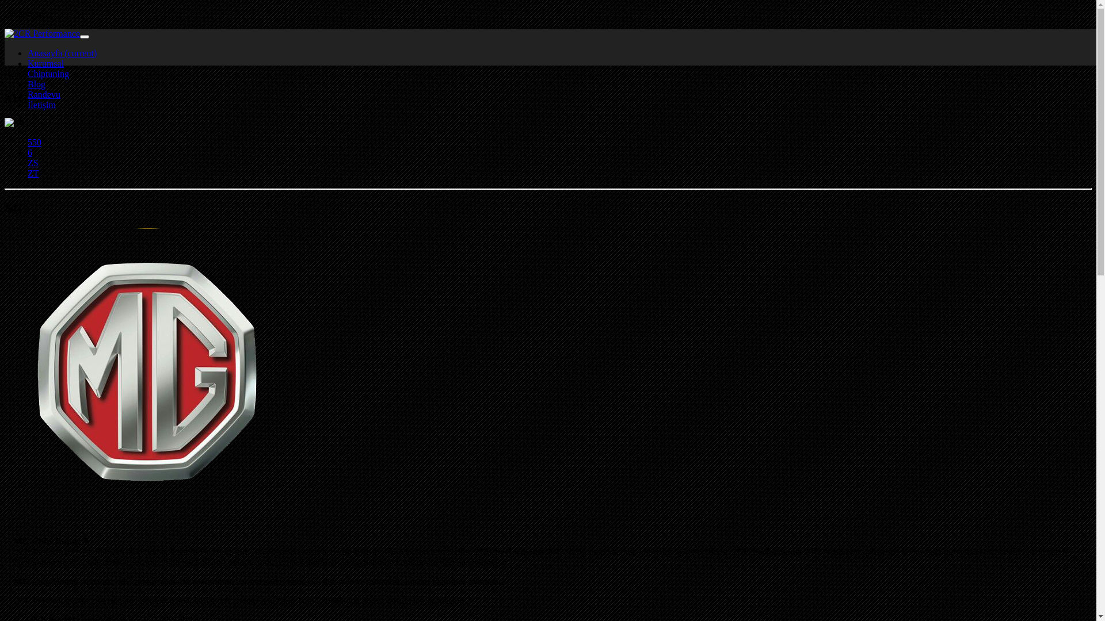 The image size is (1105, 621). I want to click on '6', so click(28, 152).